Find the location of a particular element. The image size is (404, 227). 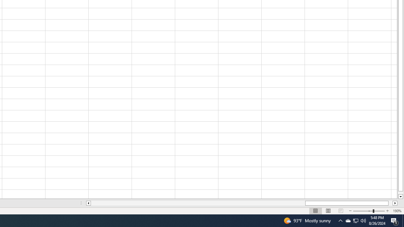

'Line down' is located at coordinates (400, 196).